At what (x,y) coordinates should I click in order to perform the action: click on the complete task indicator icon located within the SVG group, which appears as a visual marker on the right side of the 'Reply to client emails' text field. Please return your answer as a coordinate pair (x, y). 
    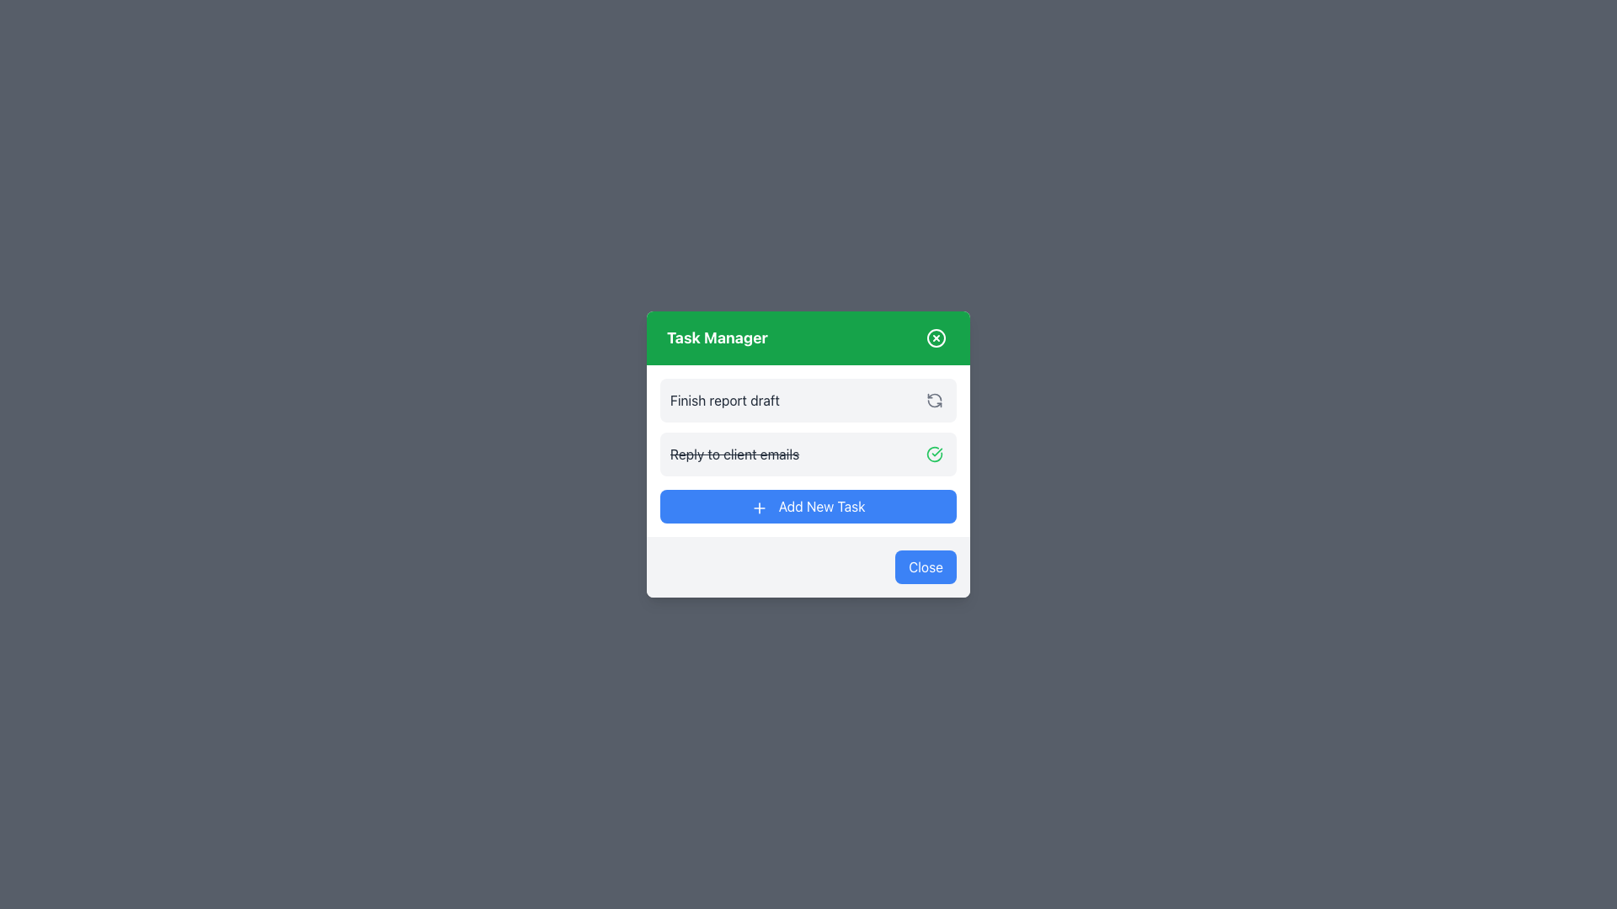
    Looking at the image, I should click on (933, 454).